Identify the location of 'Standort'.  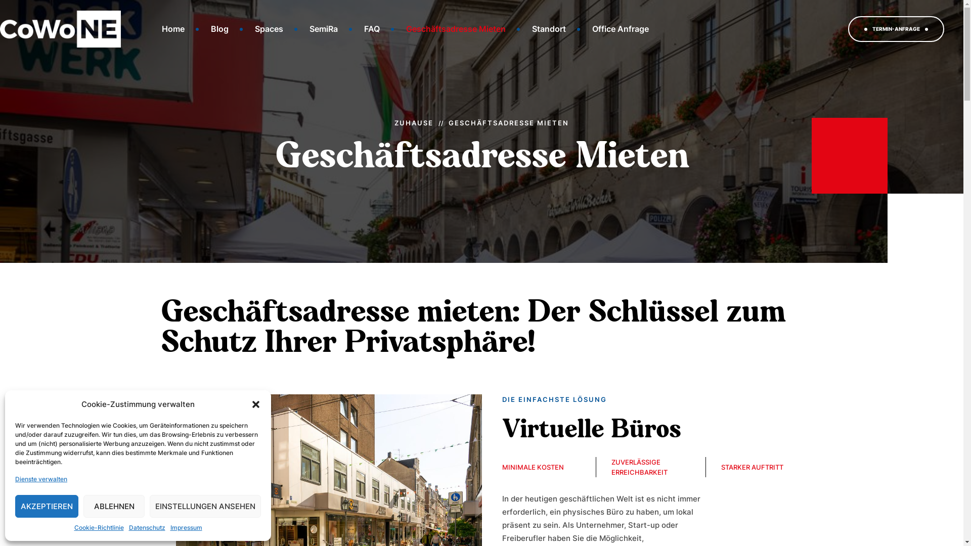
(548, 28).